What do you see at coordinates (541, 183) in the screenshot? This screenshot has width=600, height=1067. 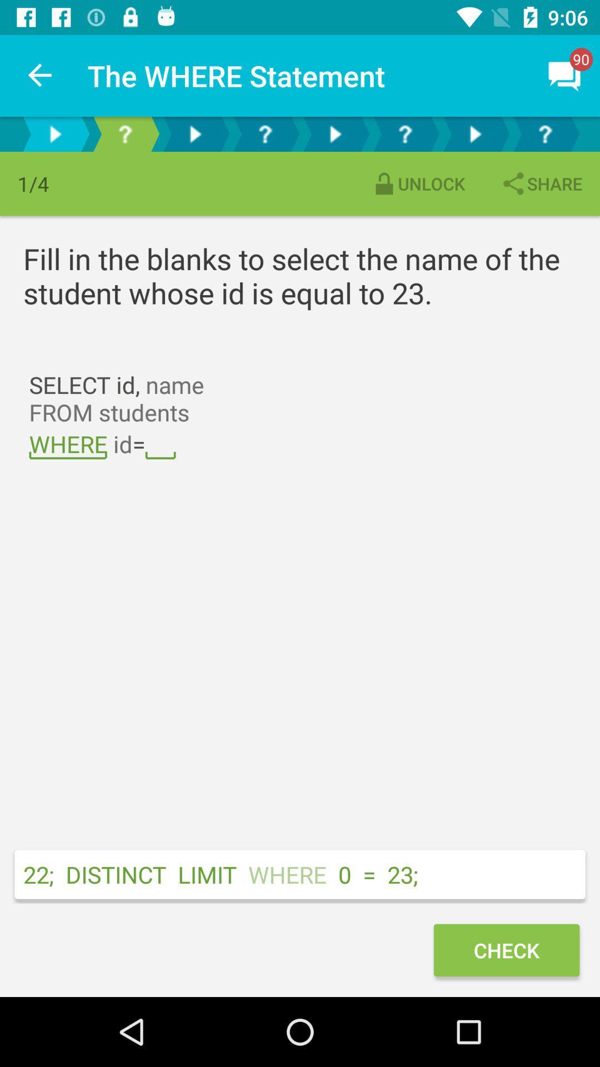 I see `share` at bounding box center [541, 183].